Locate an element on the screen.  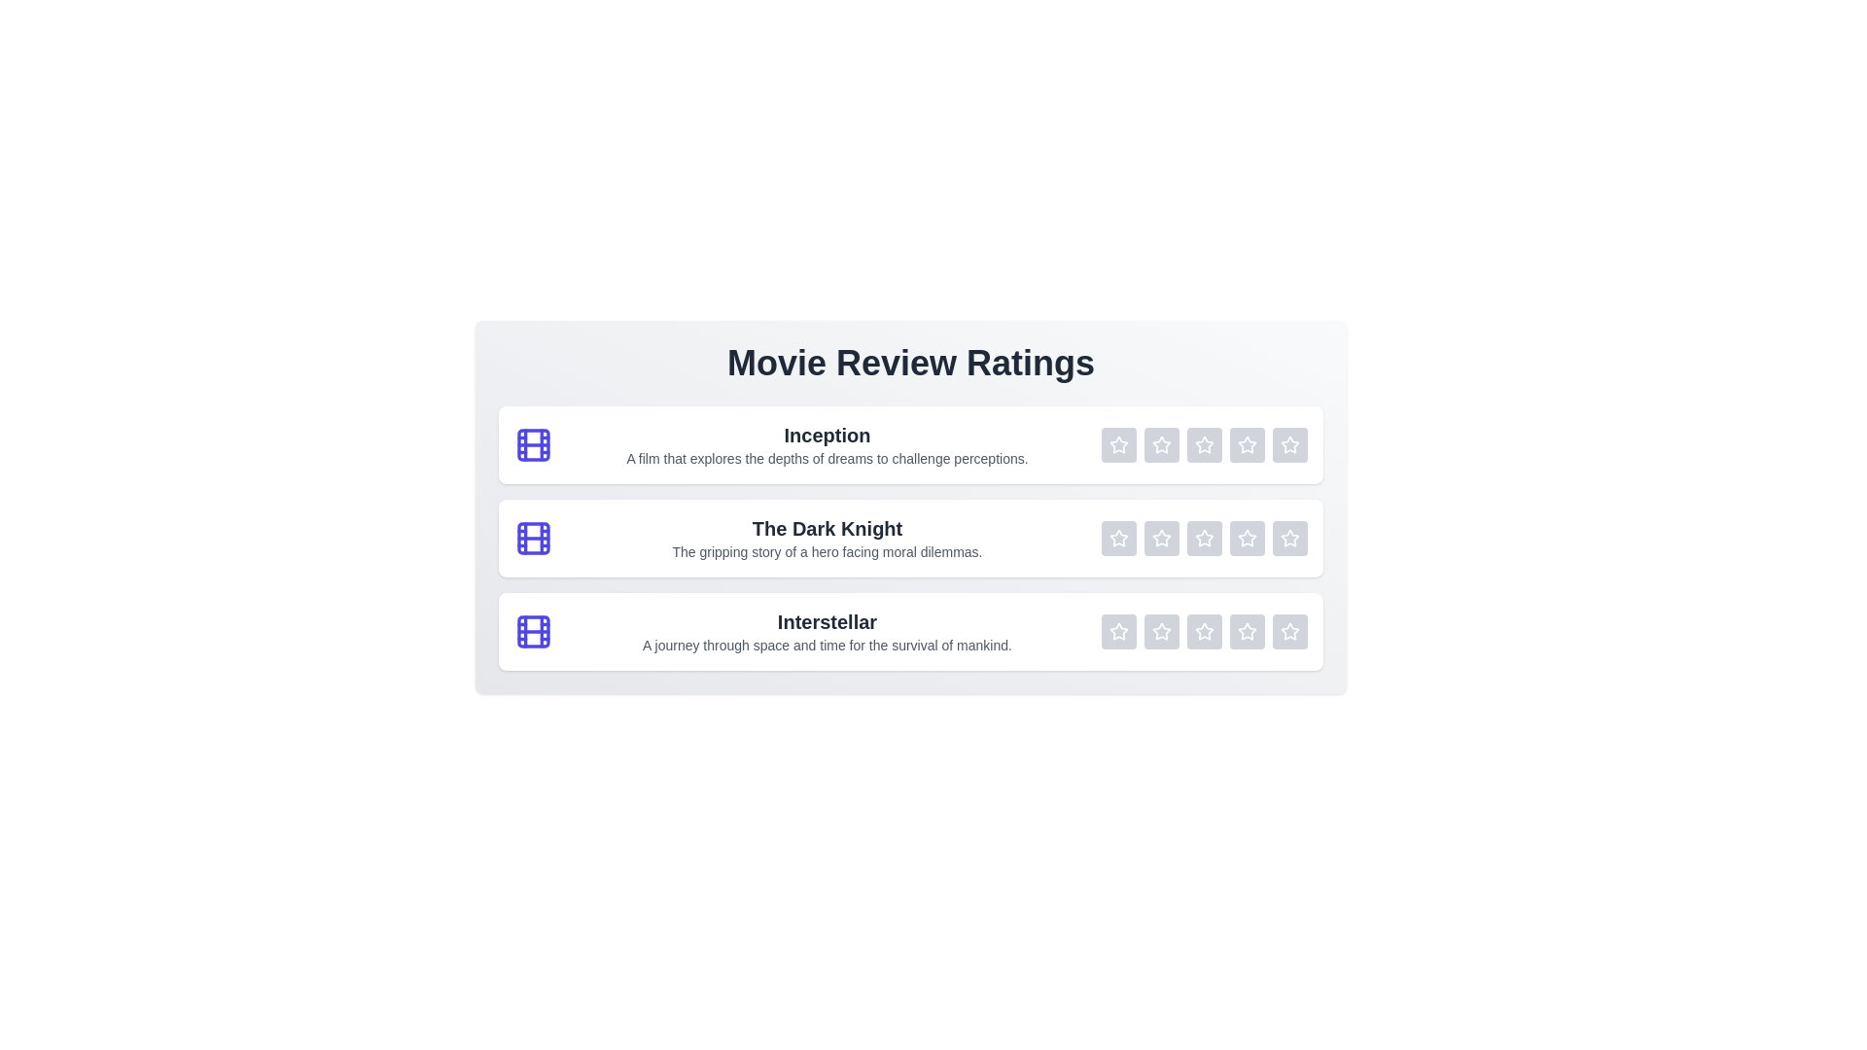
the rating of a movie to 3 stars by clicking the corresponding star is located at coordinates (1203, 445).